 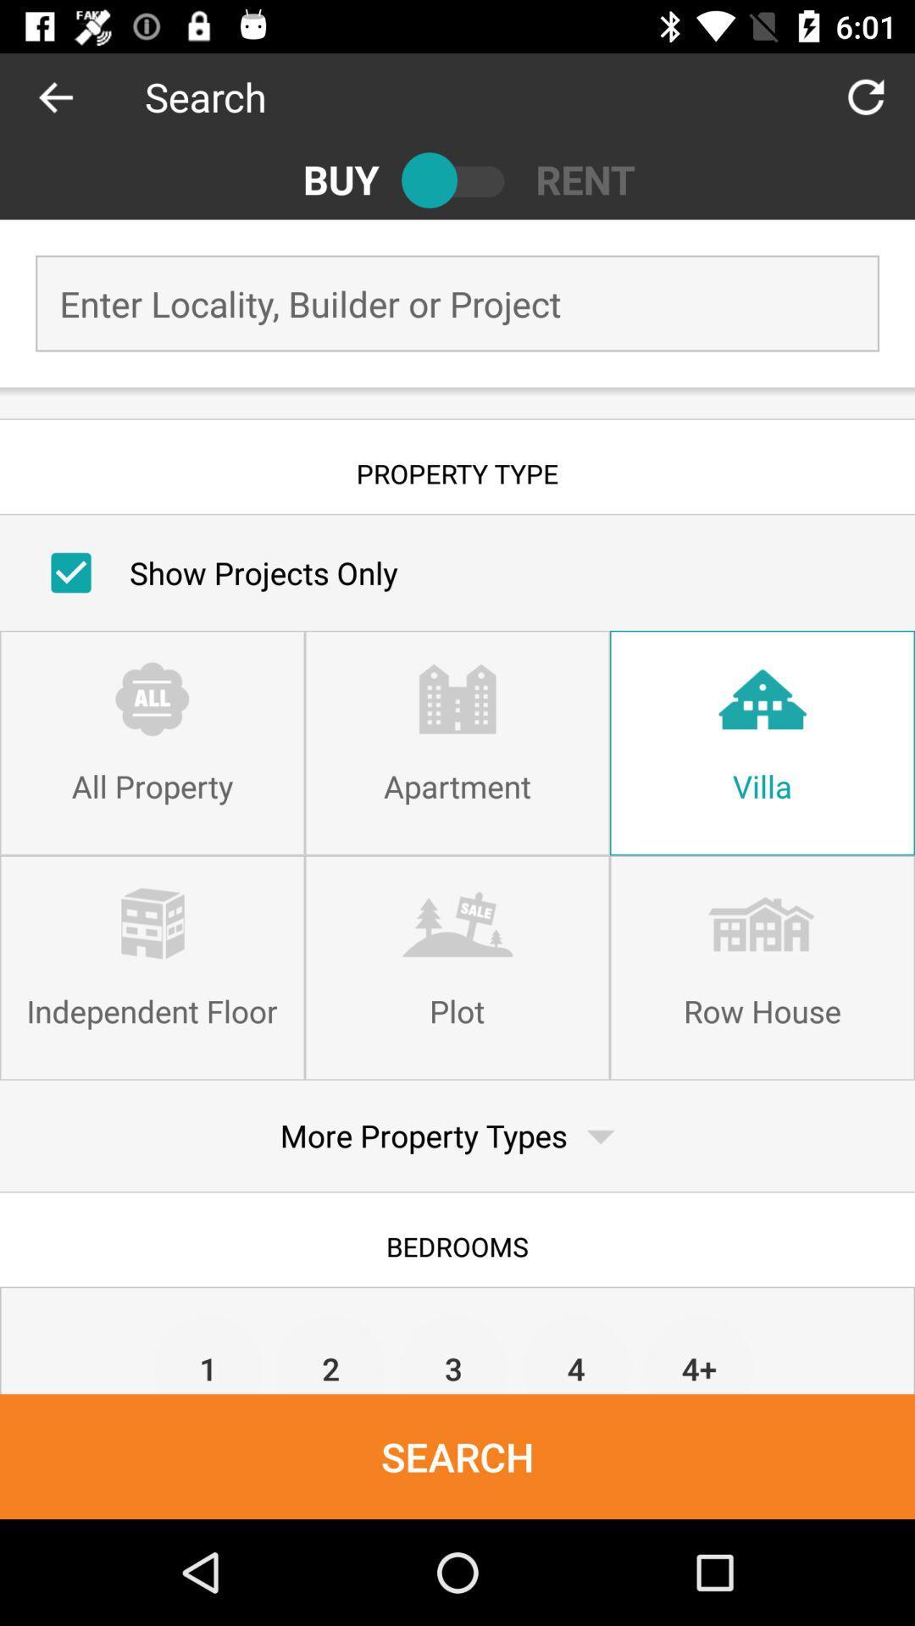 I want to click on go back, so click(x=71, y=96).